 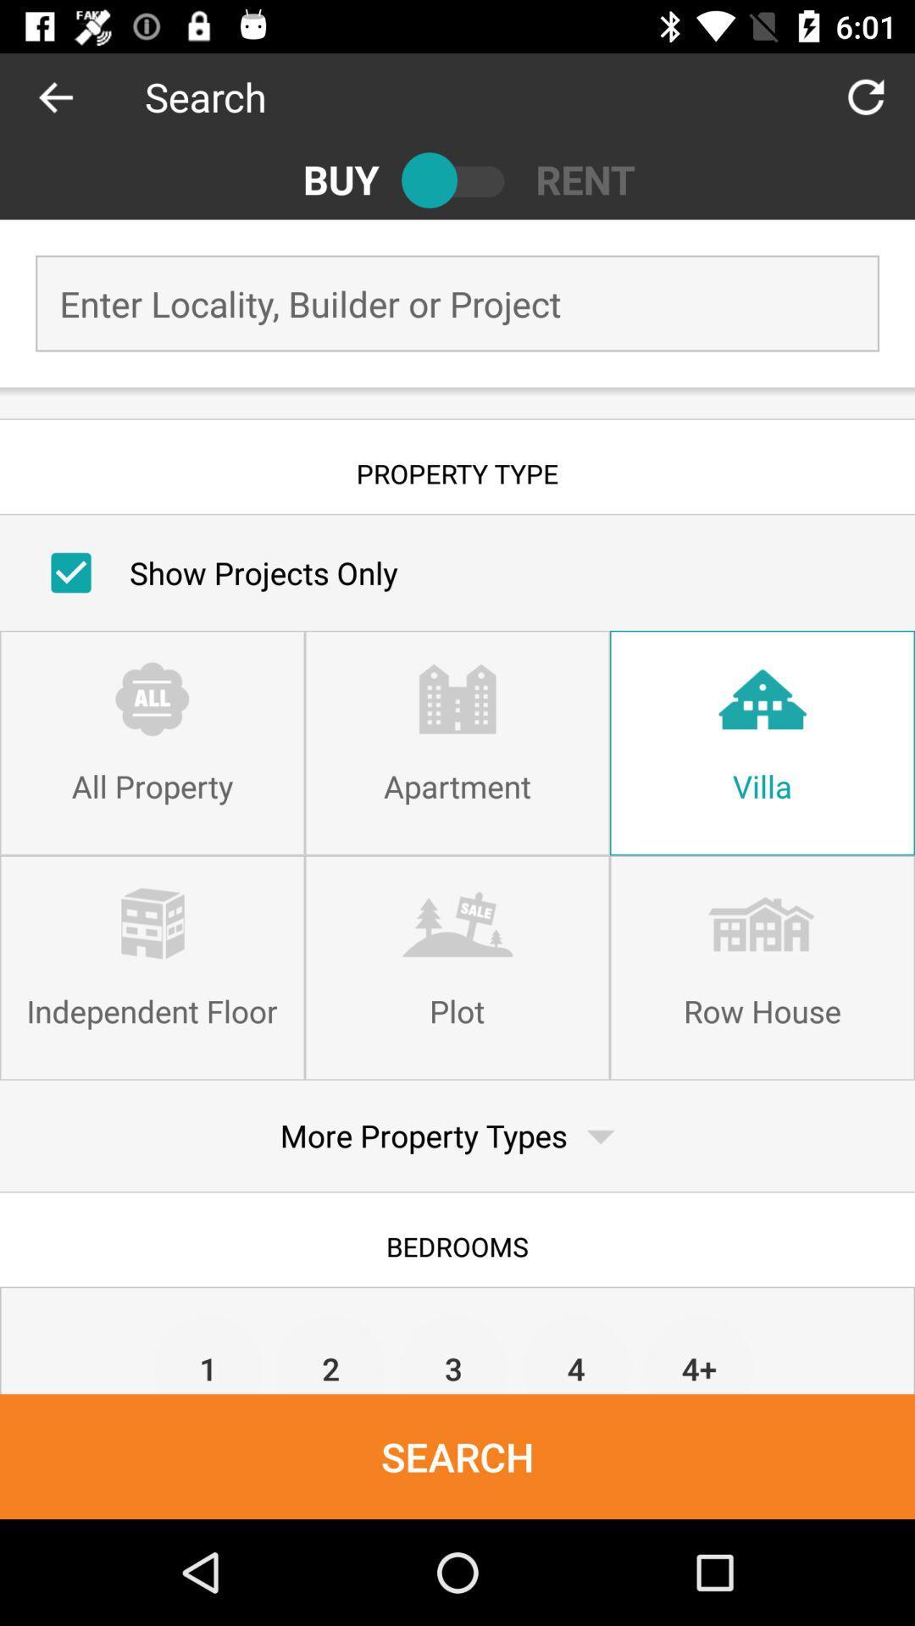 I want to click on go back, so click(x=71, y=96).